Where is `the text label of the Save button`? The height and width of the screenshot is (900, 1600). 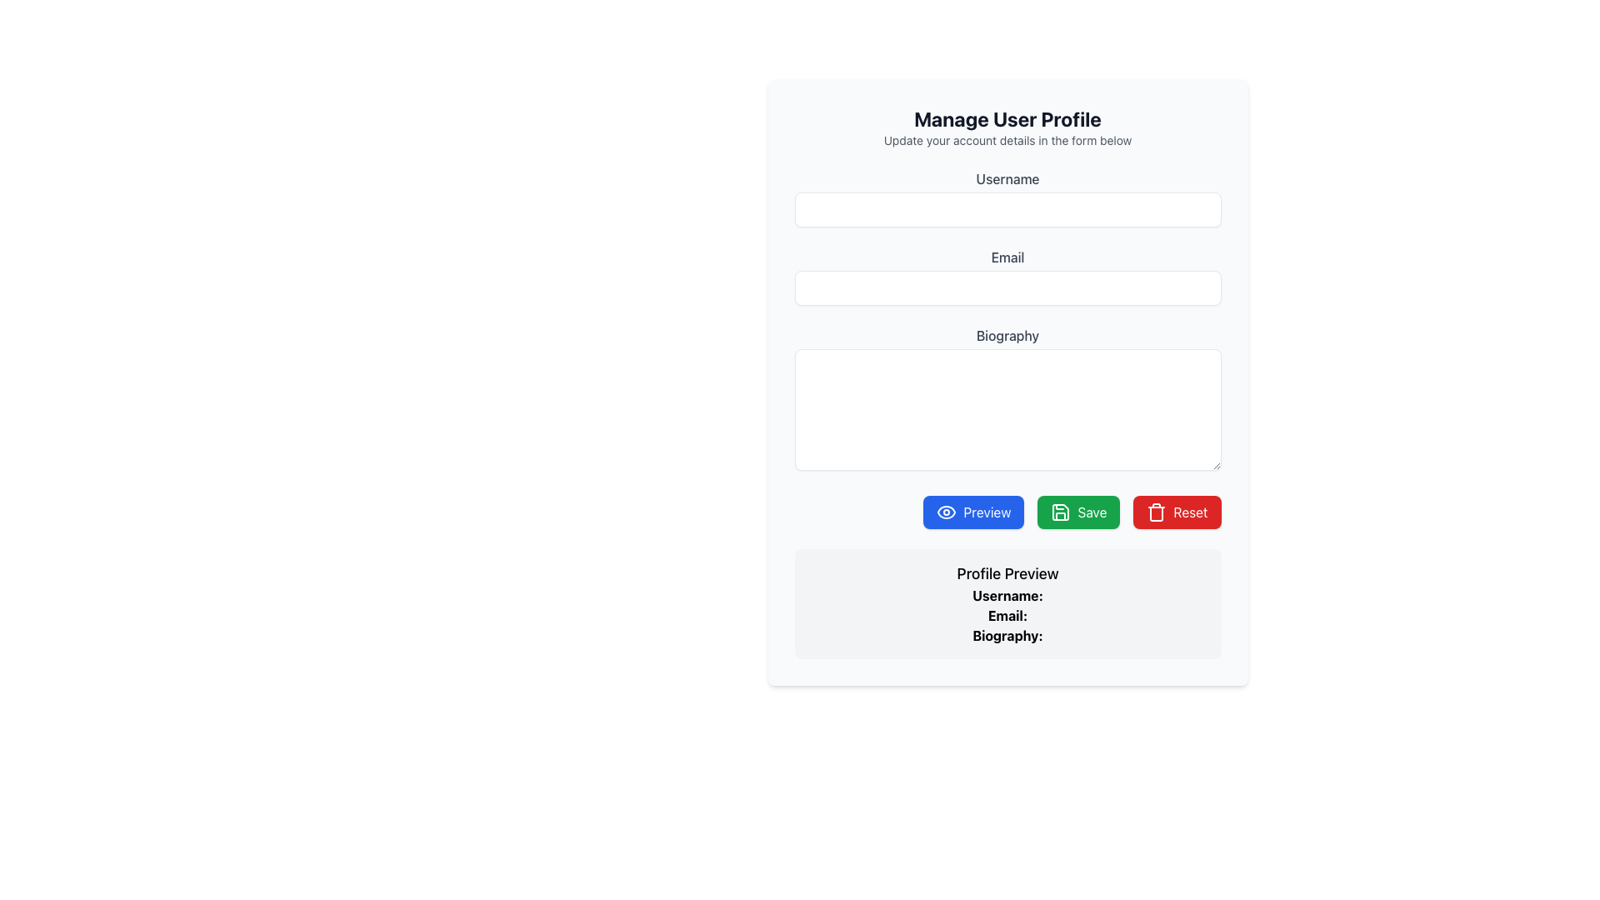
the text label of the Save button is located at coordinates (1092, 511).